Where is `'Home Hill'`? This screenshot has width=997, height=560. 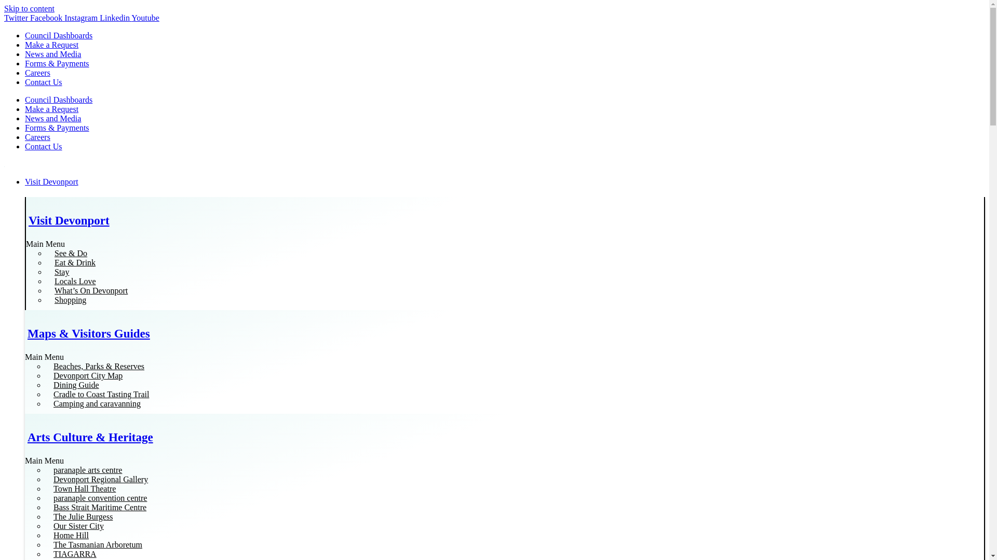
'Home Hill' is located at coordinates (71, 535).